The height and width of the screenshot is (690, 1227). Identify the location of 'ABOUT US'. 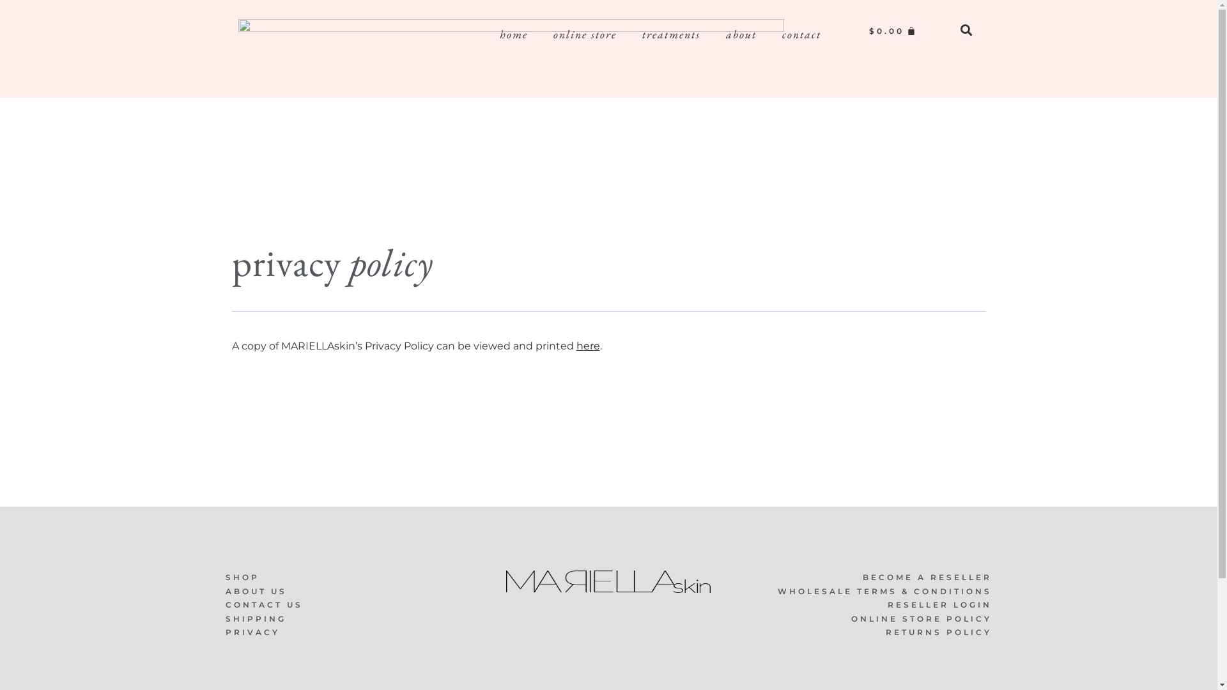
(353, 591).